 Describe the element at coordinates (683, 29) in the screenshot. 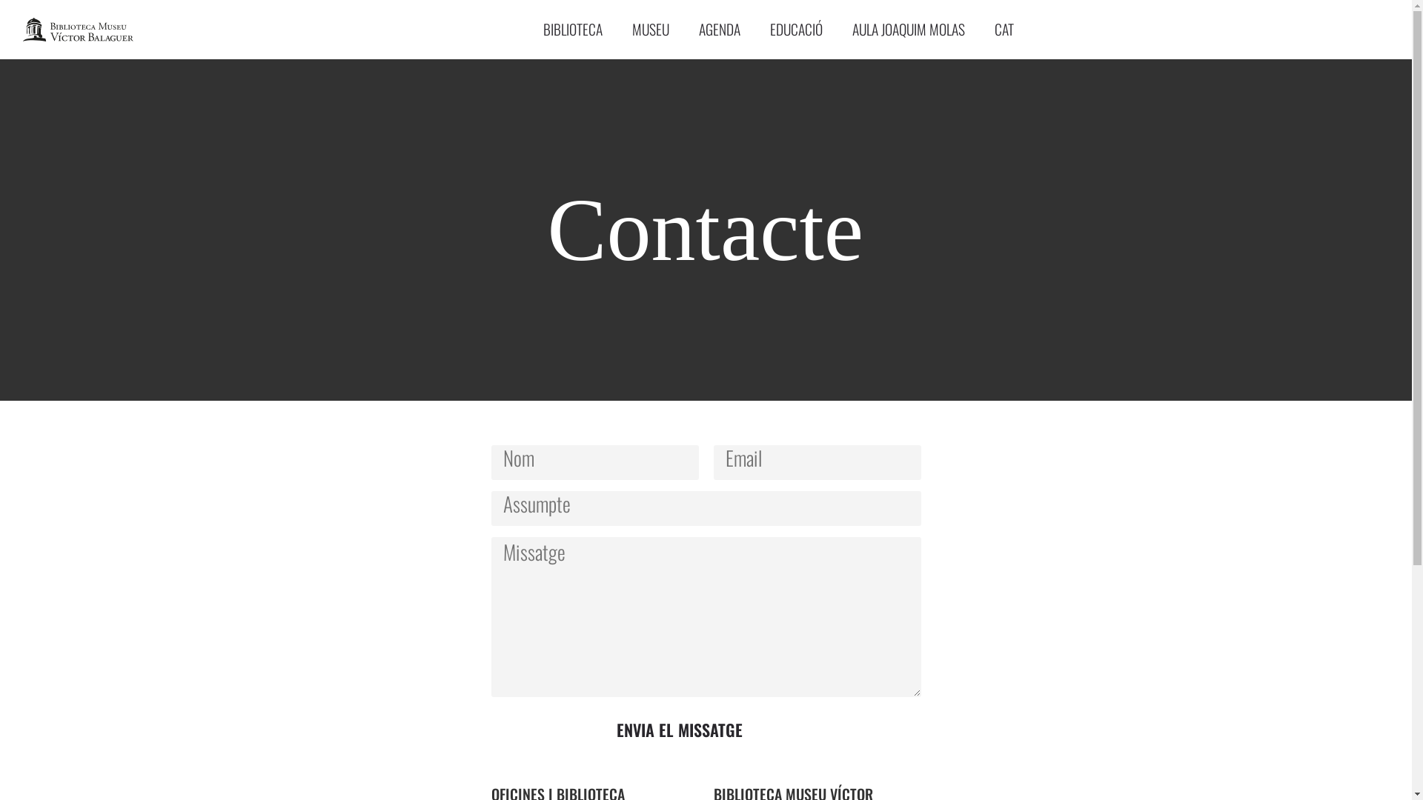

I see `'AGENDA'` at that location.